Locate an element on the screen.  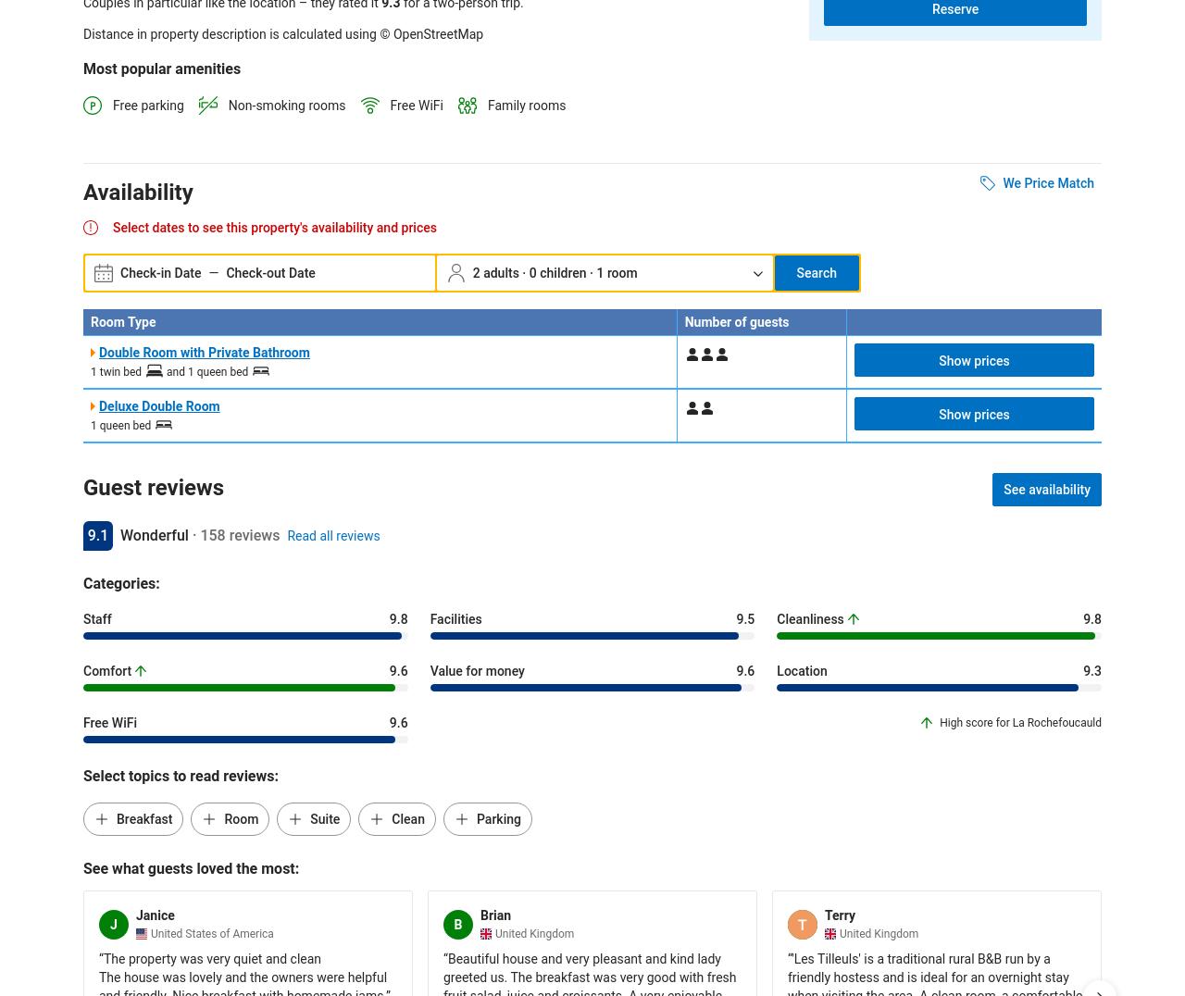
'Room' is located at coordinates (240, 819).